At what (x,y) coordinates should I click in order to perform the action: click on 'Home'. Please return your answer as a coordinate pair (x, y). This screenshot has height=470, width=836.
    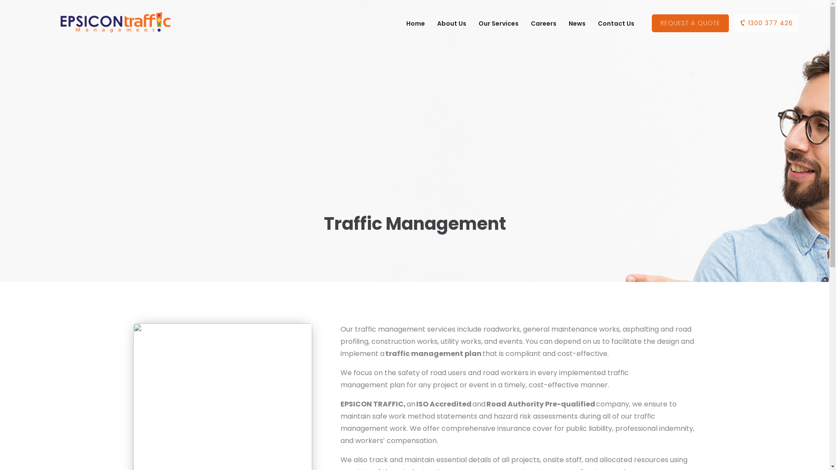
    Looking at the image, I should click on (402, 23).